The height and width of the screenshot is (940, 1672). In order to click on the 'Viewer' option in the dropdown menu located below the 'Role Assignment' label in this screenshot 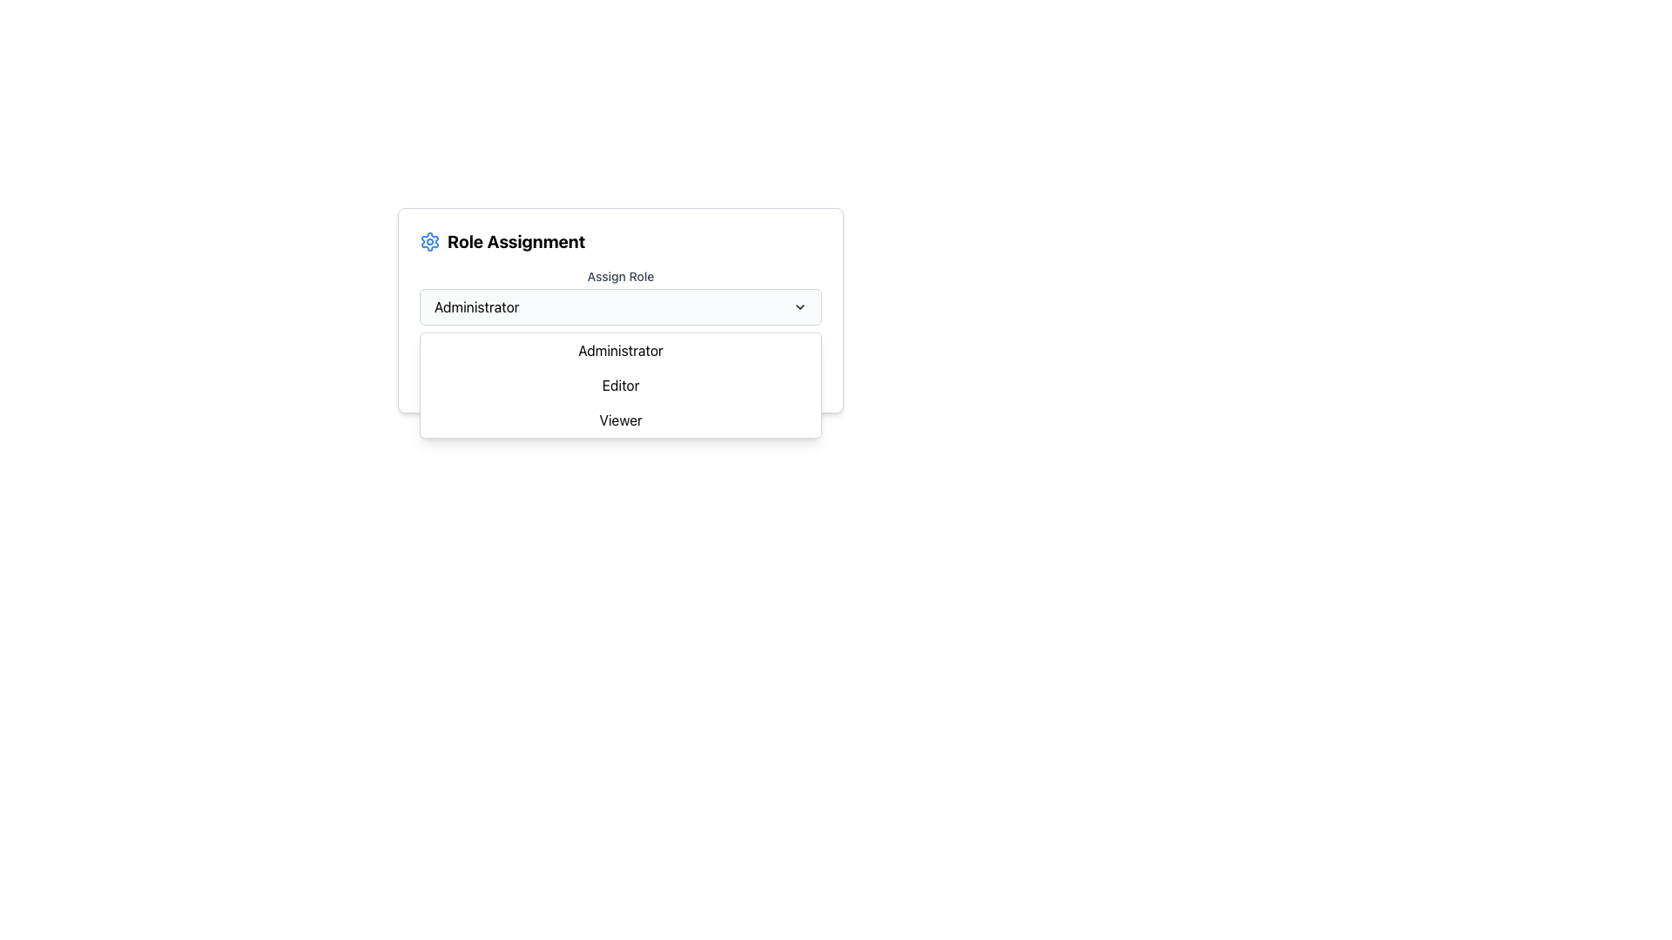, I will do `click(621, 420)`.